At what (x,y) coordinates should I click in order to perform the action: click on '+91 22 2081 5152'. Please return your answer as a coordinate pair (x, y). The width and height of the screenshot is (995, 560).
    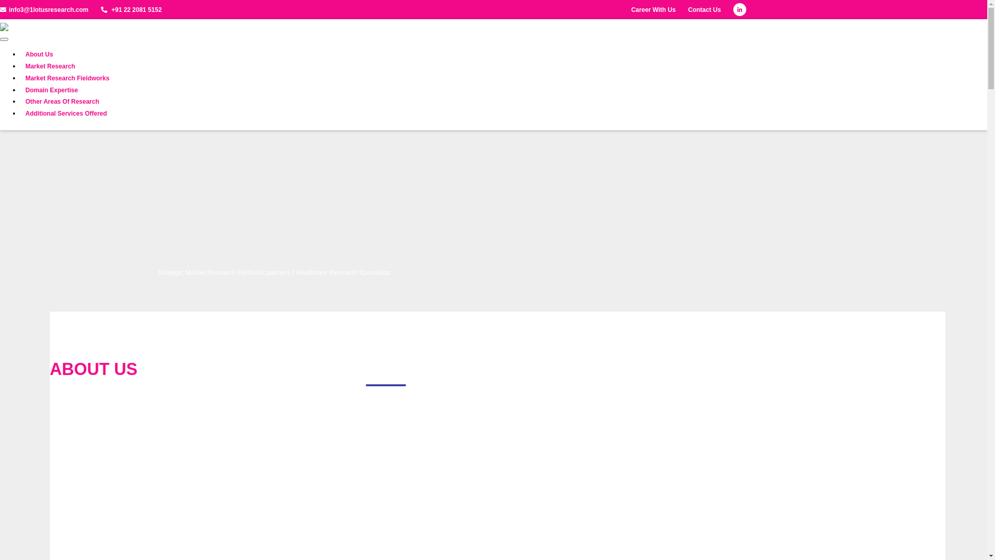
    Looking at the image, I should click on (101, 10).